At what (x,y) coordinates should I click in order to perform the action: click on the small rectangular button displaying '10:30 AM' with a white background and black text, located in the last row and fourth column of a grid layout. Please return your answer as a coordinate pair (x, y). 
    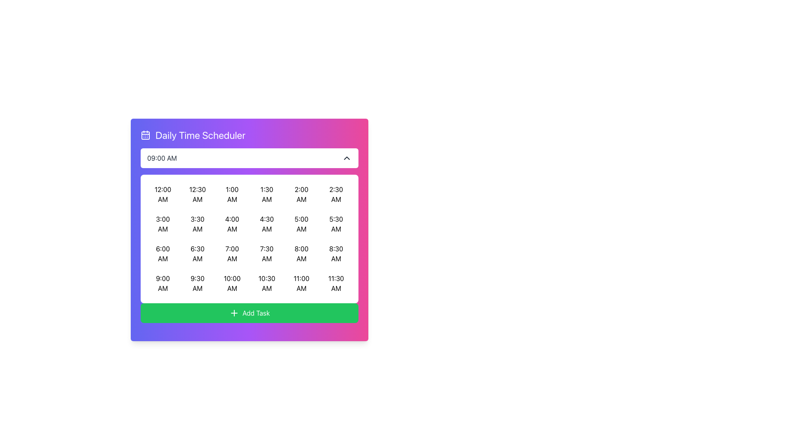
    Looking at the image, I should click on (267, 283).